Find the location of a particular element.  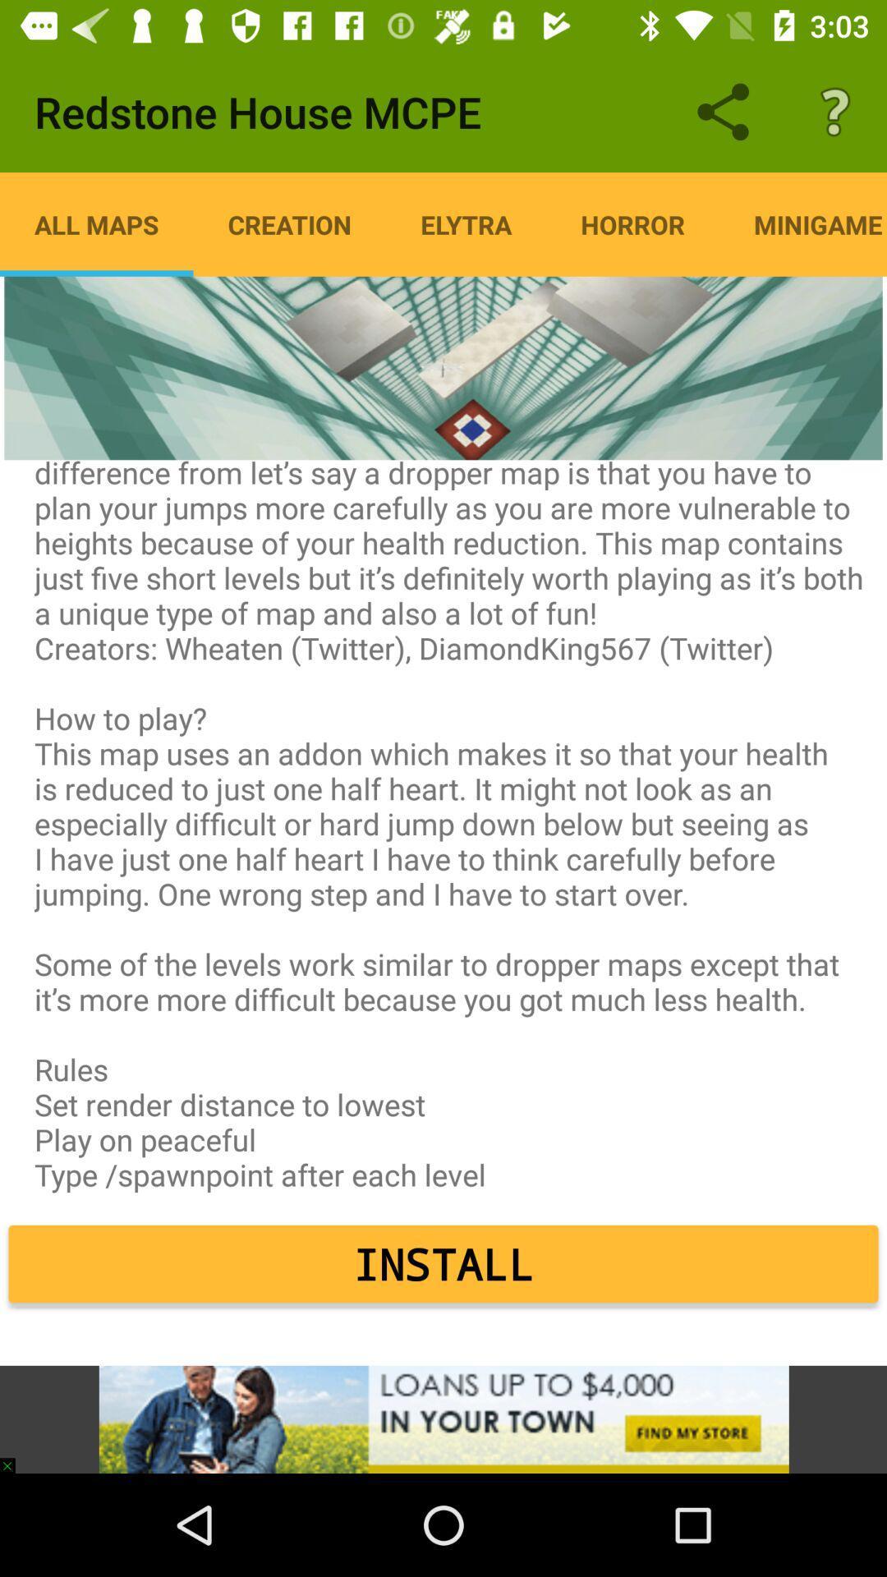

item to the right of elytra is located at coordinates (632, 223).